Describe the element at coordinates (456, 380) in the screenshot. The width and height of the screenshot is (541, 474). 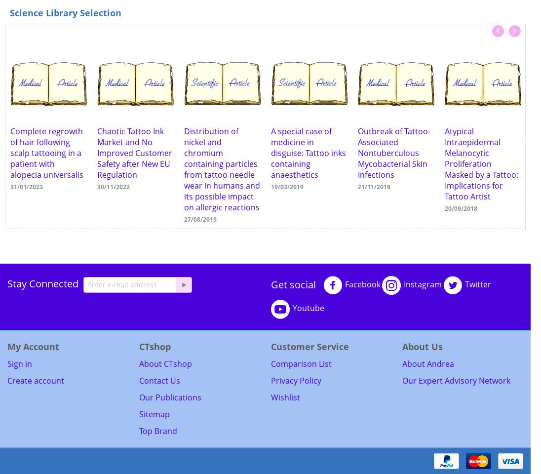
I see `'Our Expert Advisory Network'` at that location.